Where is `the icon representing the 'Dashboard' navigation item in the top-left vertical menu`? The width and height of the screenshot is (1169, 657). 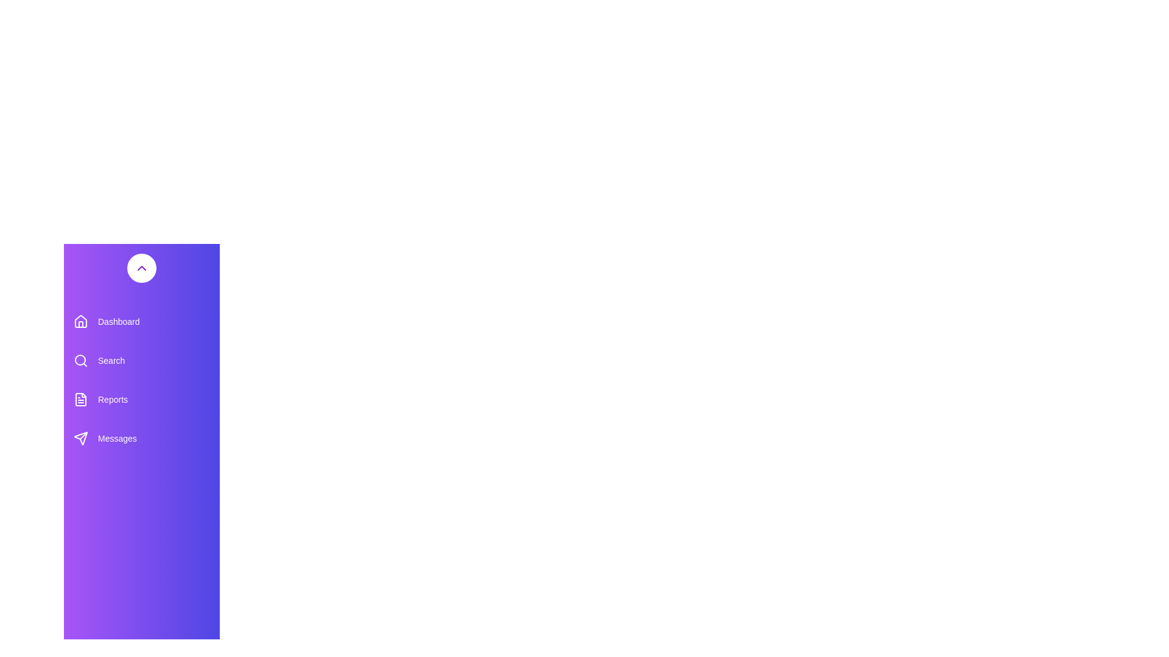 the icon representing the 'Dashboard' navigation item in the top-left vertical menu is located at coordinates (80, 321).